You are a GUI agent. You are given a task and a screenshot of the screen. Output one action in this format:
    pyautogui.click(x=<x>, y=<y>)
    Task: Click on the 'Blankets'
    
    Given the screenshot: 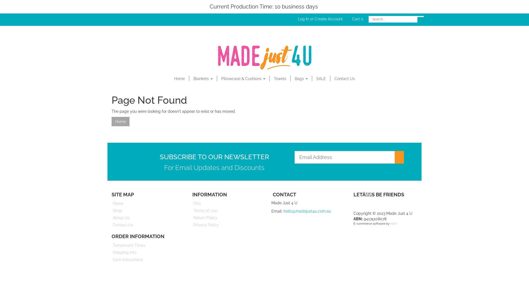 What is the action you would take?
    pyautogui.click(x=203, y=78)
    